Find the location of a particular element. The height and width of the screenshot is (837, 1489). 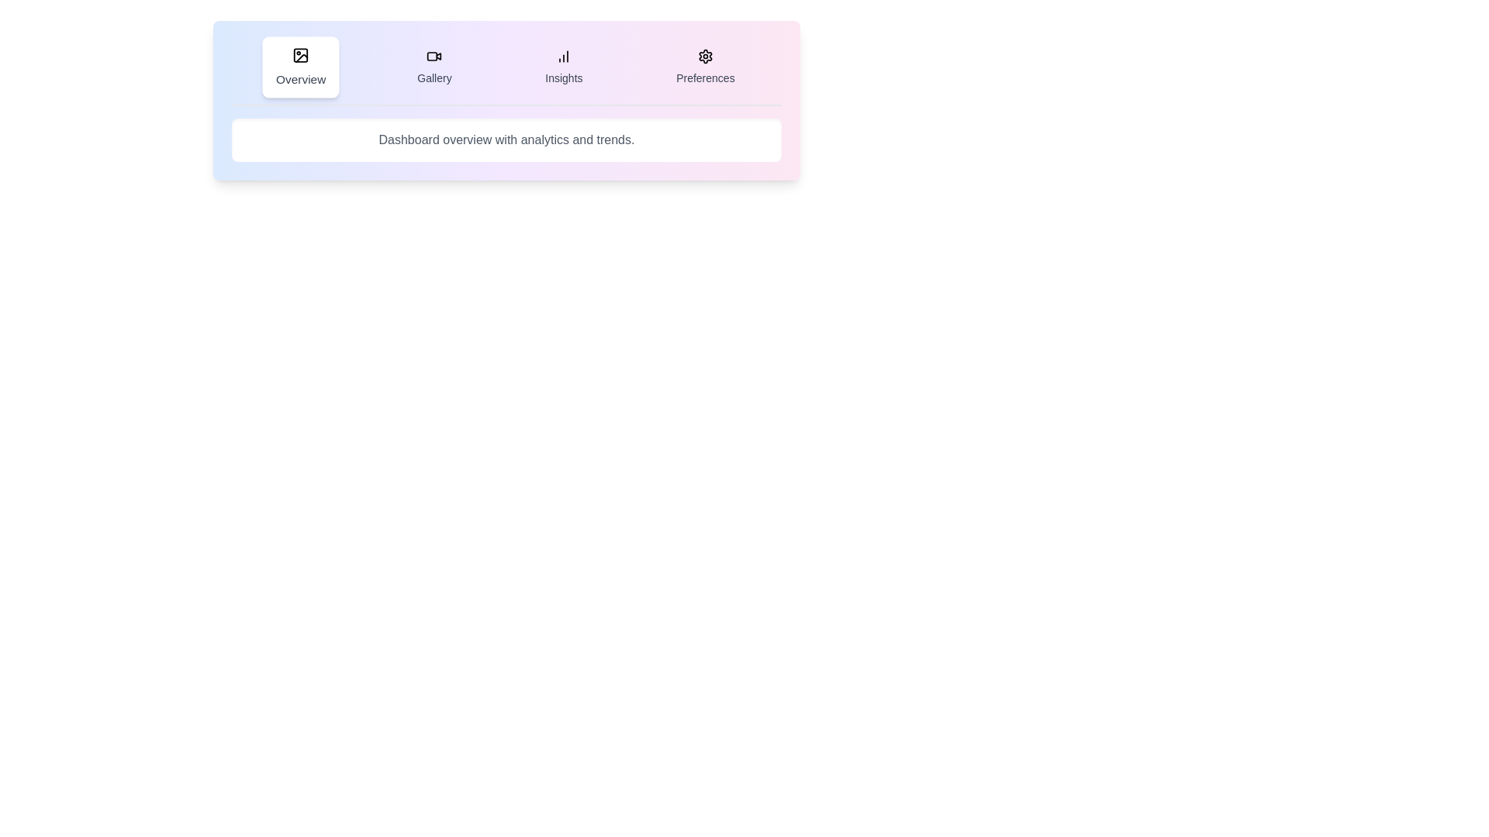

the Overview tab is located at coordinates (301, 67).